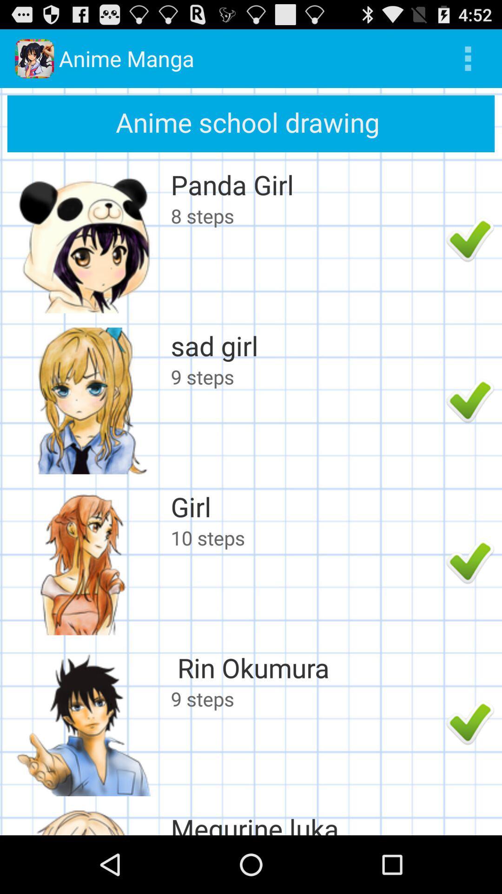 The width and height of the screenshot is (502, 894). I want to click on panda girl, so click(306, 184).